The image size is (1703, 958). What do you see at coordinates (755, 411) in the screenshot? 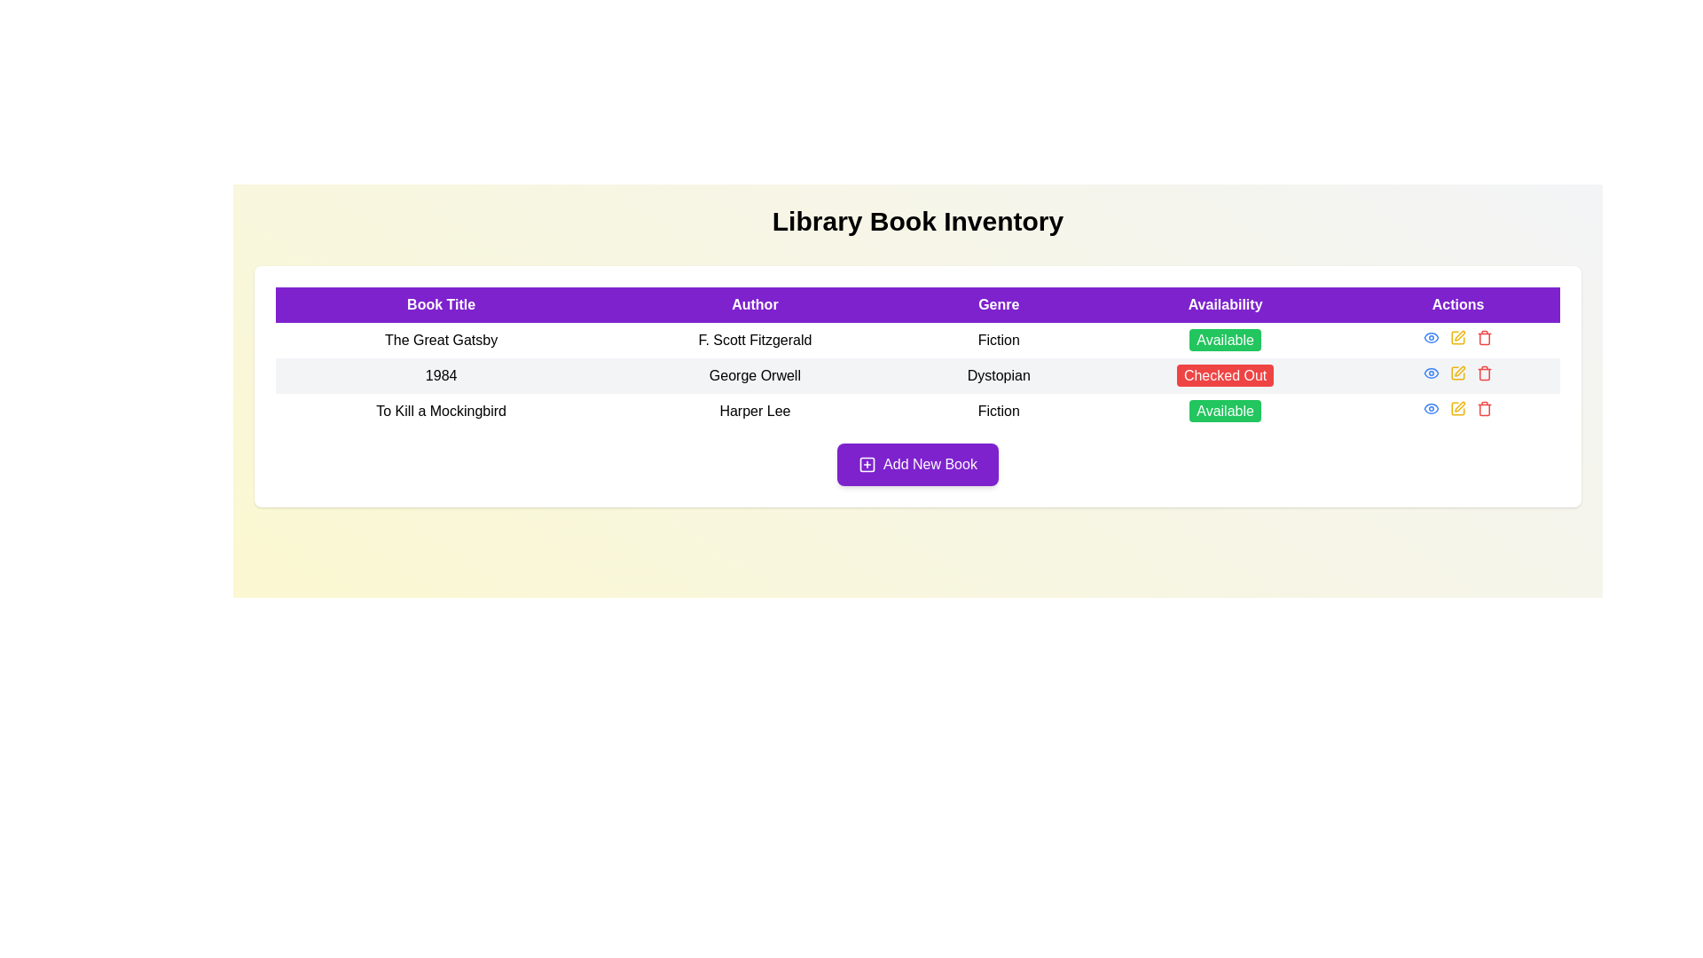
I see `text label 'Harper Lee' which indicates the author of the book in the third row of the table under the 'Author' column, positioned between 'To Kill a Mockingbird' and 'Fiction'` at bounding box center [755, 411].